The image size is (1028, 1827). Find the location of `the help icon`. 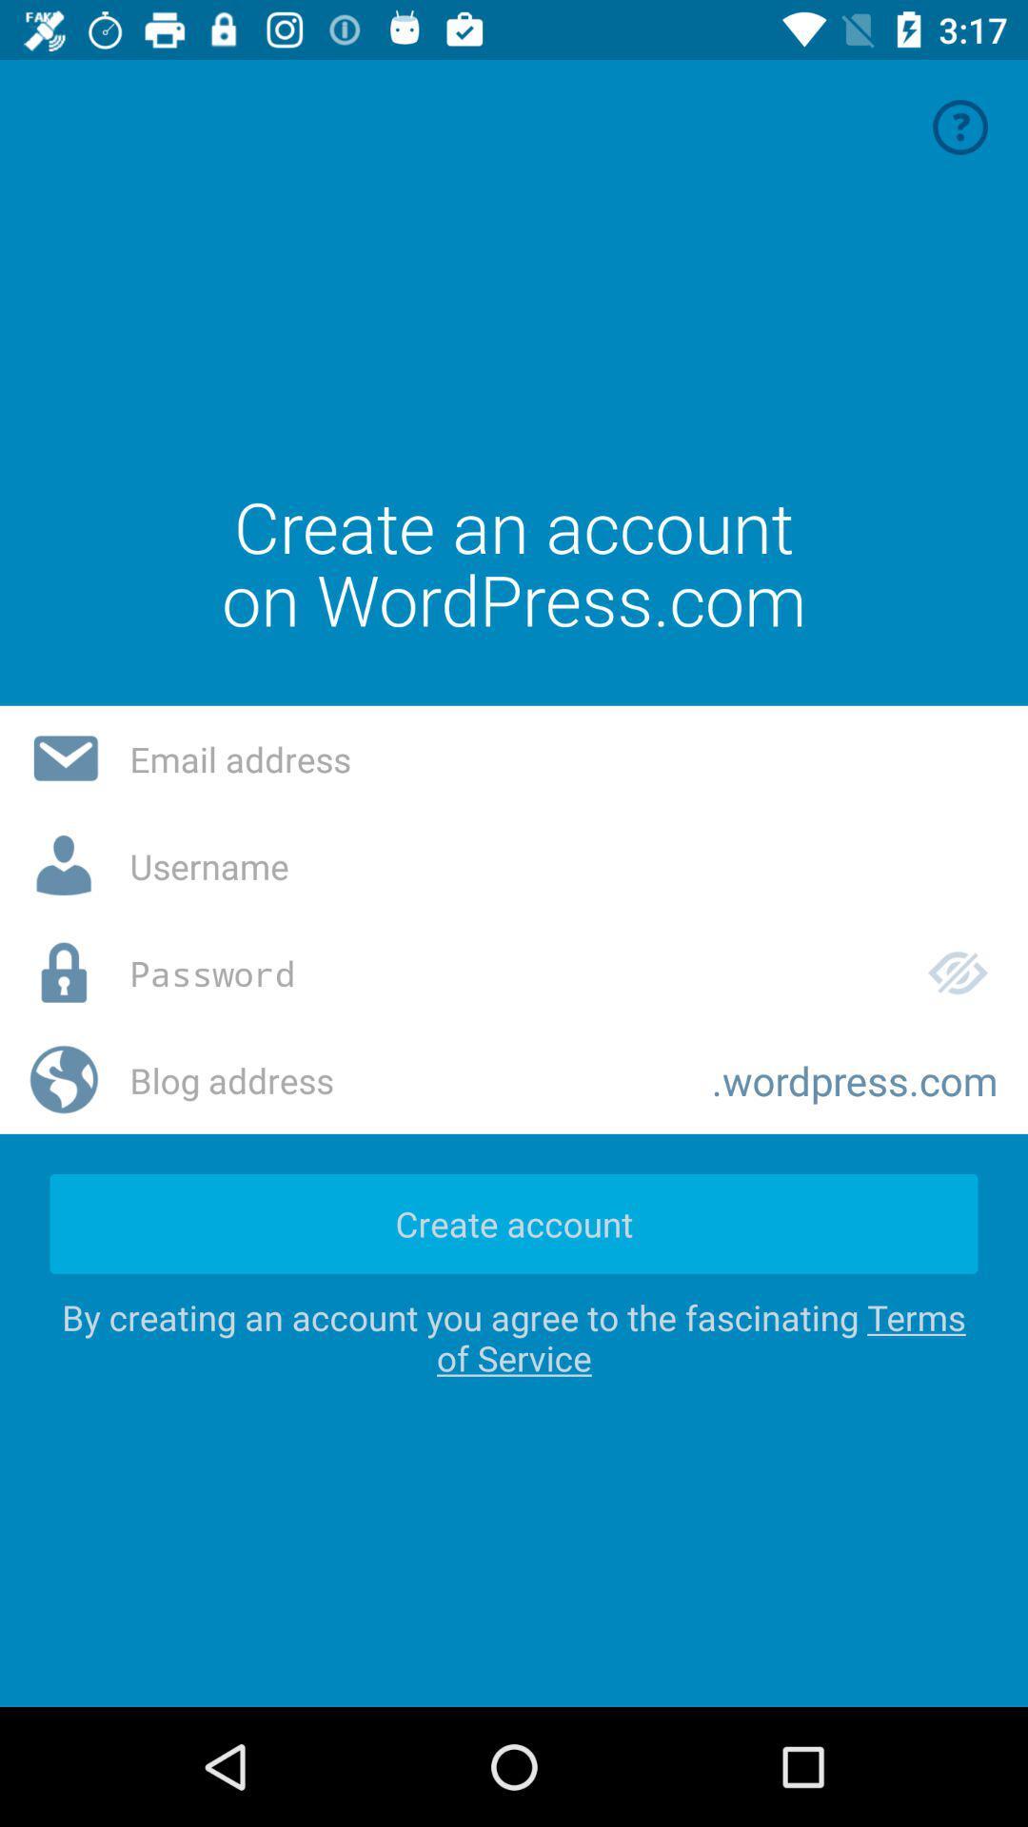

the help icon is located at coordinates (960, 126).